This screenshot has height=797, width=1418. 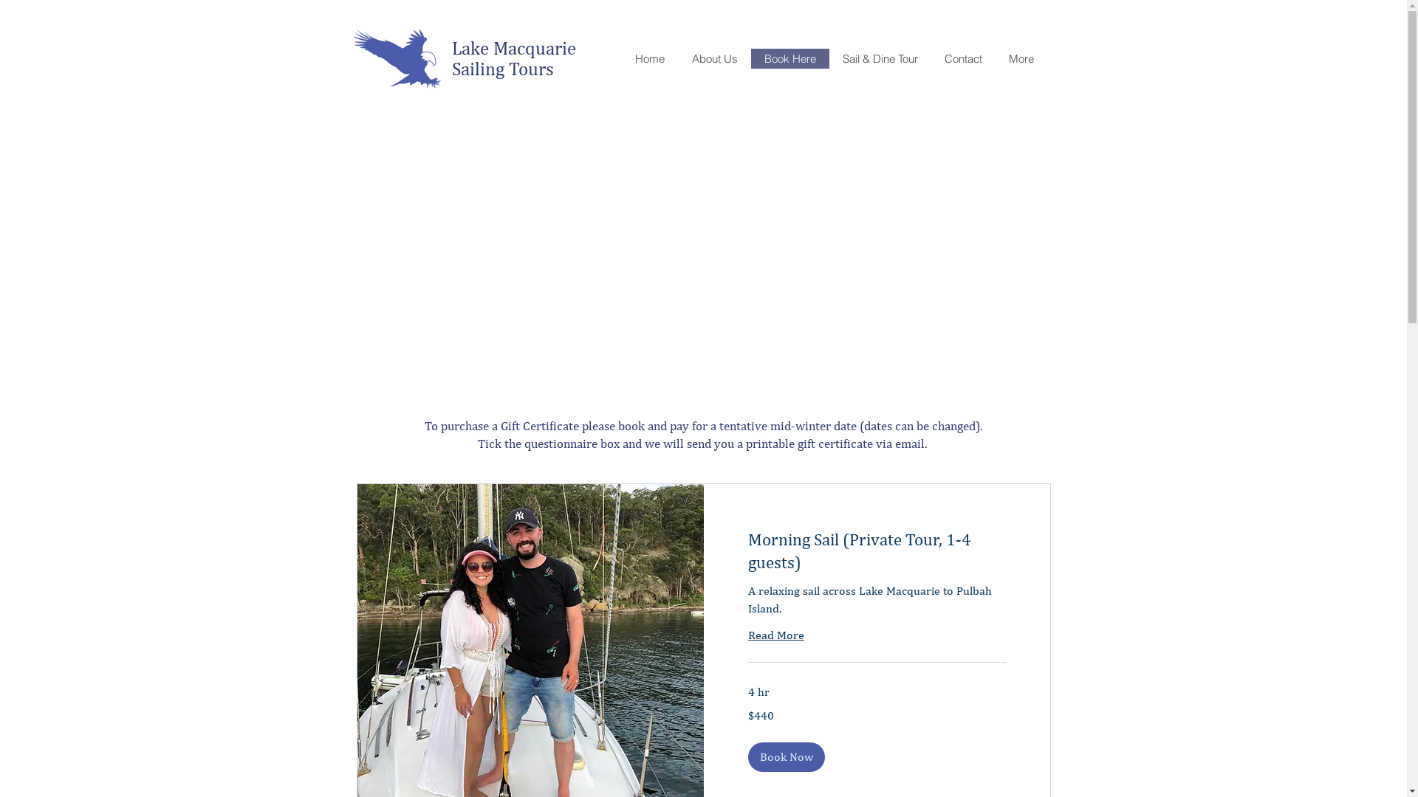 I want to click on 'Sail & Dine Tour', so click(x=879, y=58).